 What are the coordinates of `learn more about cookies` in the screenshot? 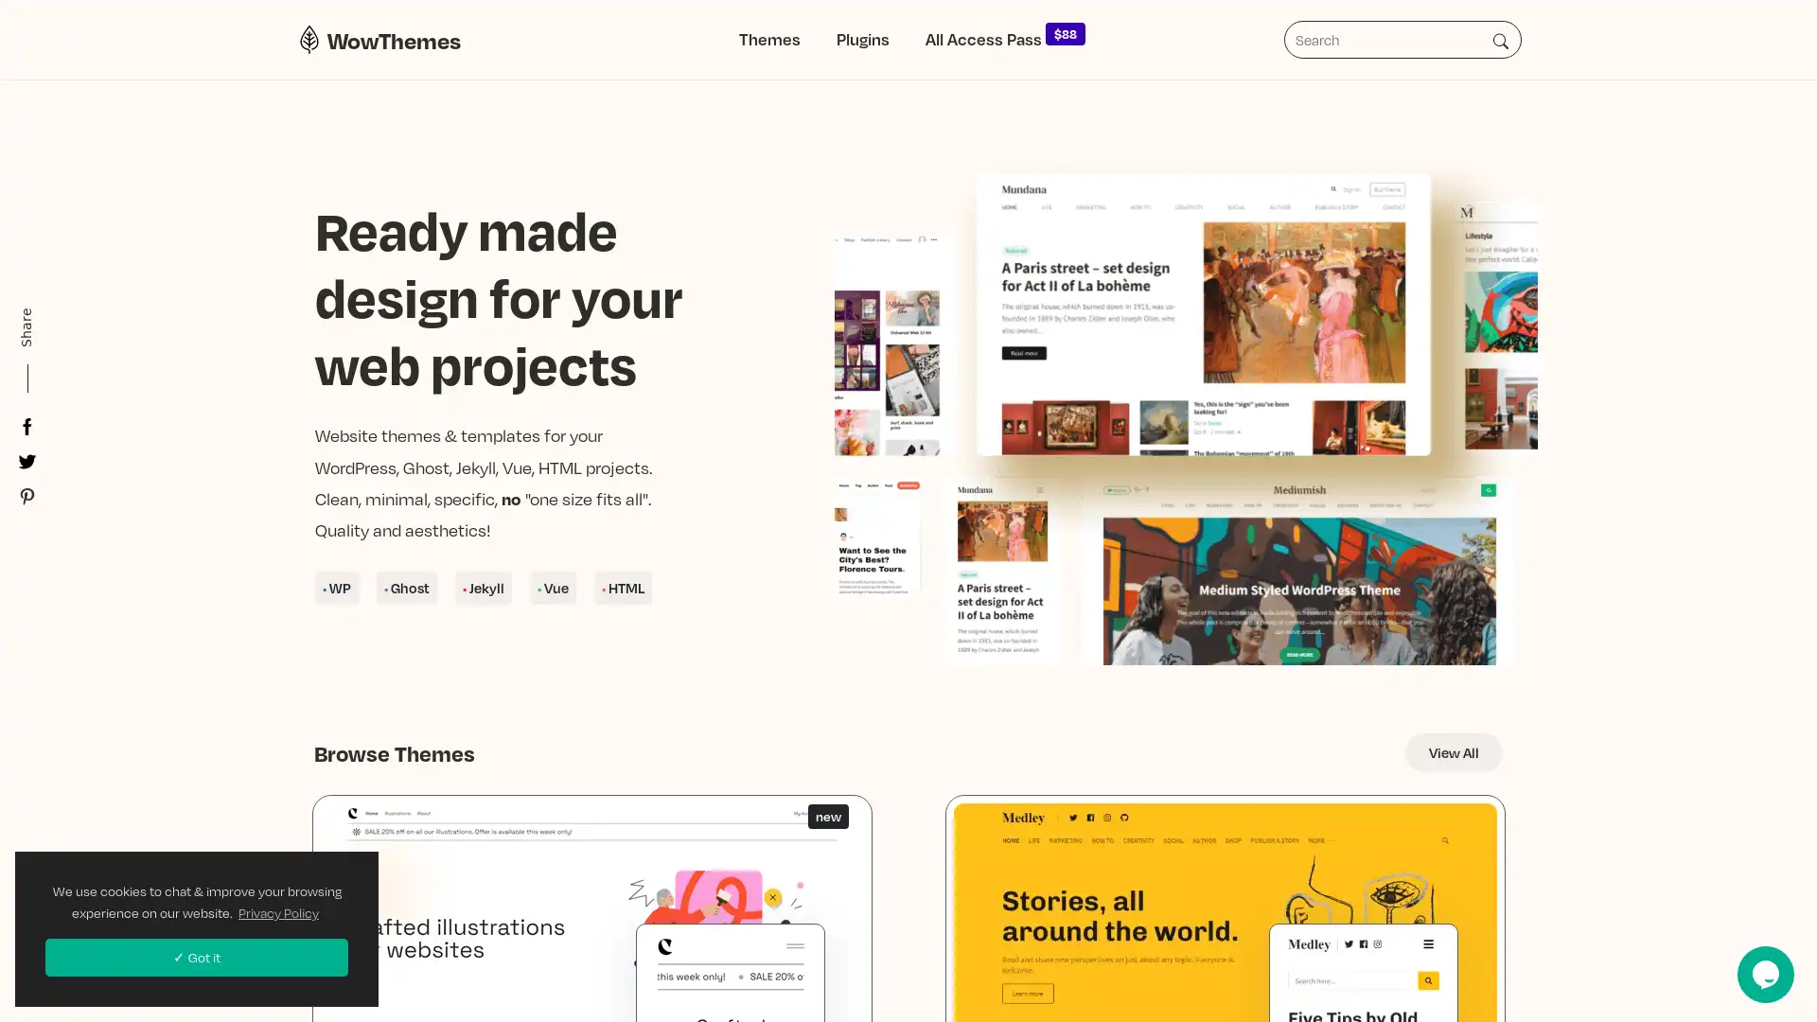 It's located at (277, 911).